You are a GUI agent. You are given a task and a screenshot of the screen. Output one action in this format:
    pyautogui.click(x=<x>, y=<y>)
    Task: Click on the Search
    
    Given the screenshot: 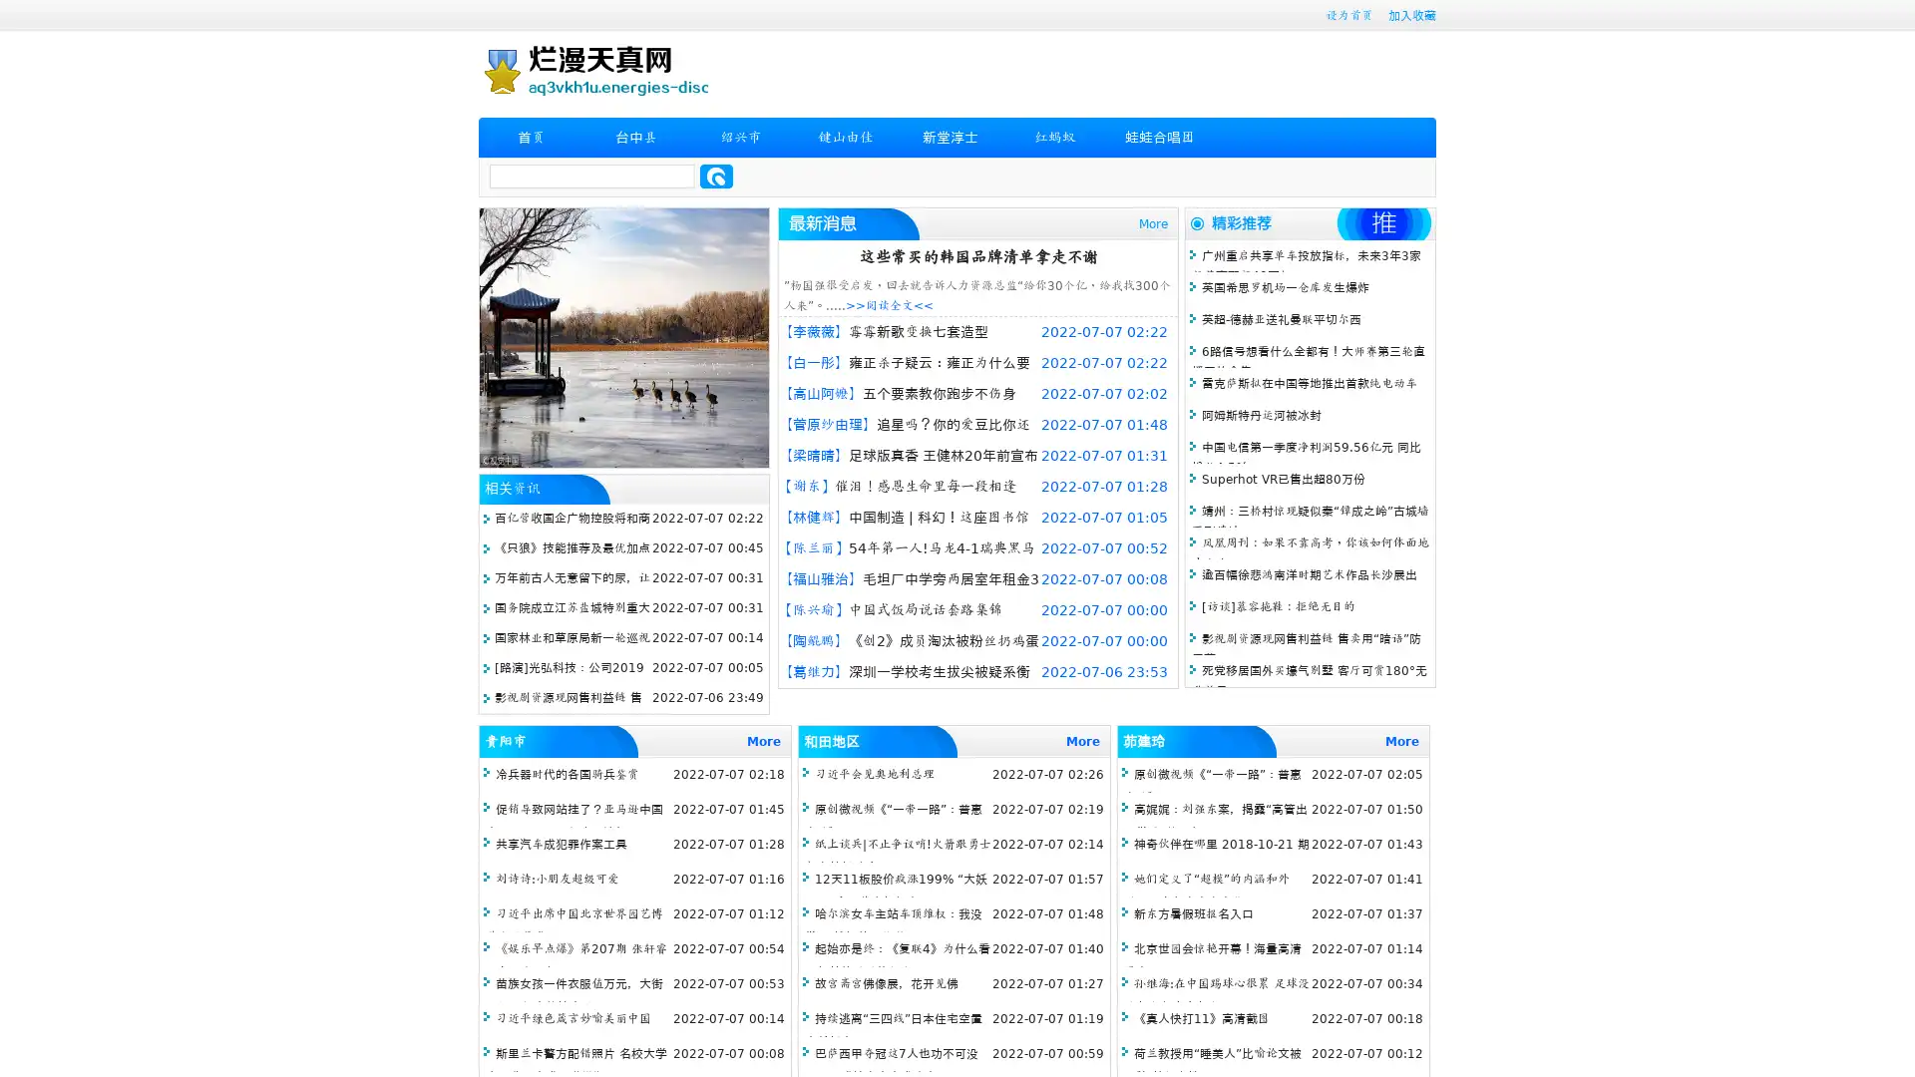 What is the action you would take?
    pyautogui.click(x=716, y=176)
    